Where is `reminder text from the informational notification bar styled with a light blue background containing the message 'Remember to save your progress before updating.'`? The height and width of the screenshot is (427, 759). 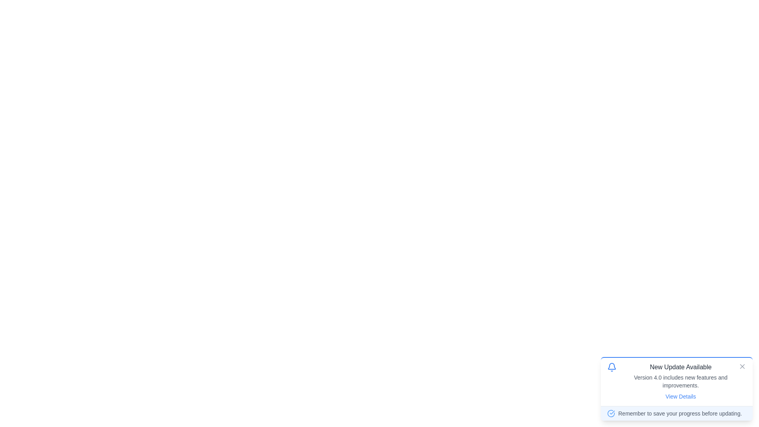
reminder text from the informational notification bar styled with a light blue background containing the message 'Remember to save your progress before updating.' is located at coordinates (676, 413).